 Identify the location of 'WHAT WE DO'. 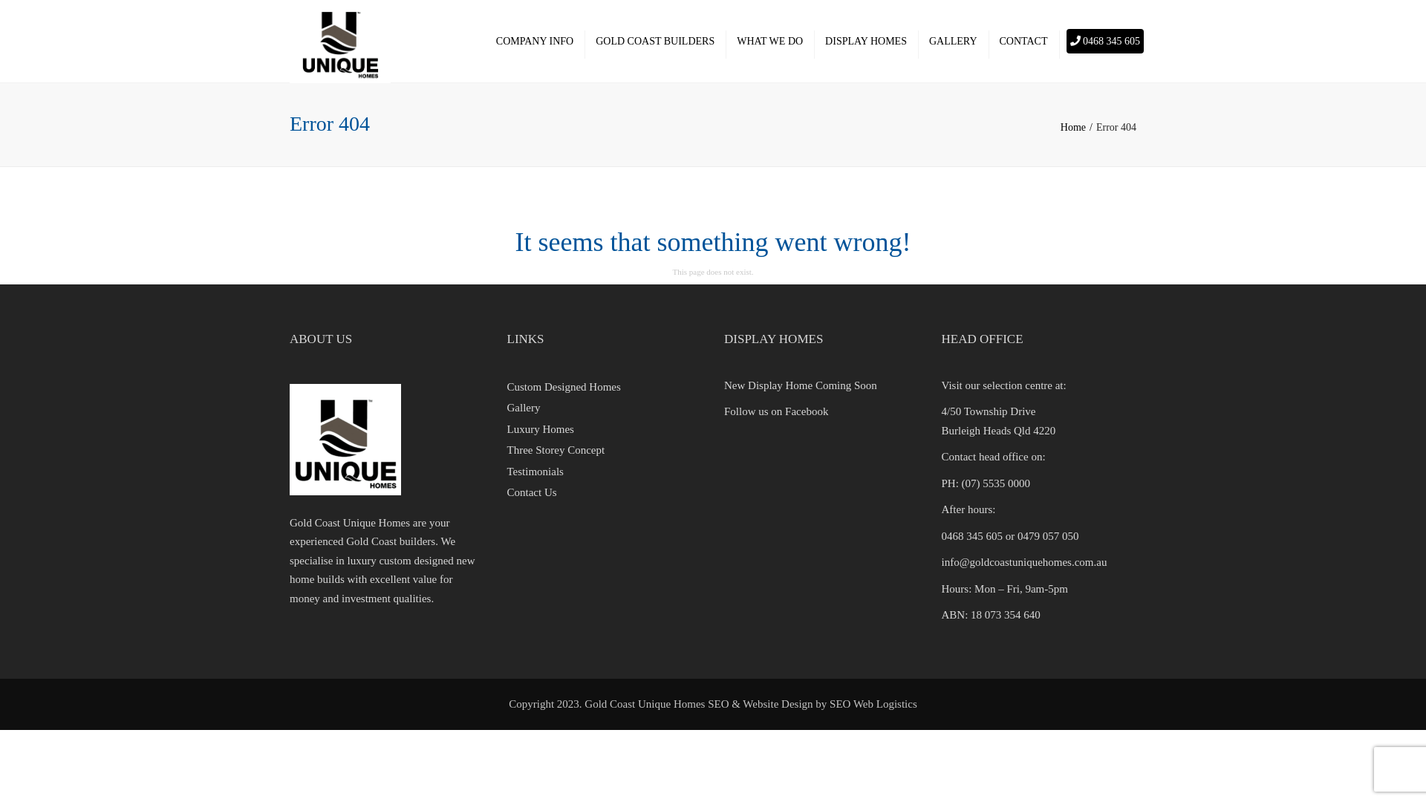
(769, 41).